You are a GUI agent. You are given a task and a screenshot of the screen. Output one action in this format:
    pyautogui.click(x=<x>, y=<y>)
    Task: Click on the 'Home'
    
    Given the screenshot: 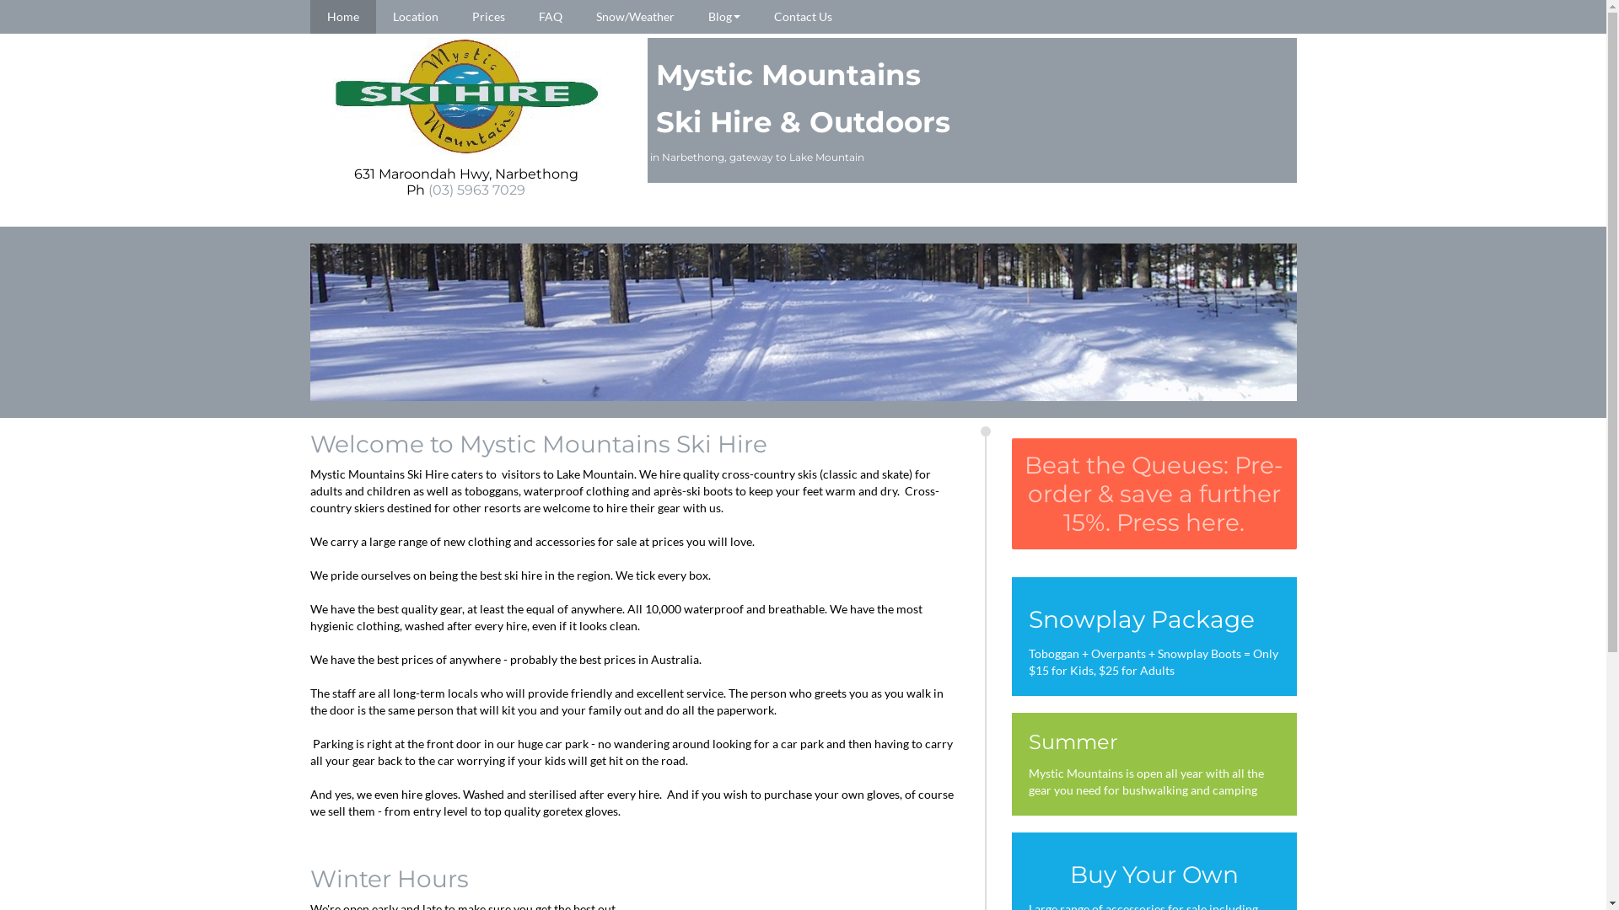 What is the action you would take?
    pyautogui.click(x=342, y=16)
    